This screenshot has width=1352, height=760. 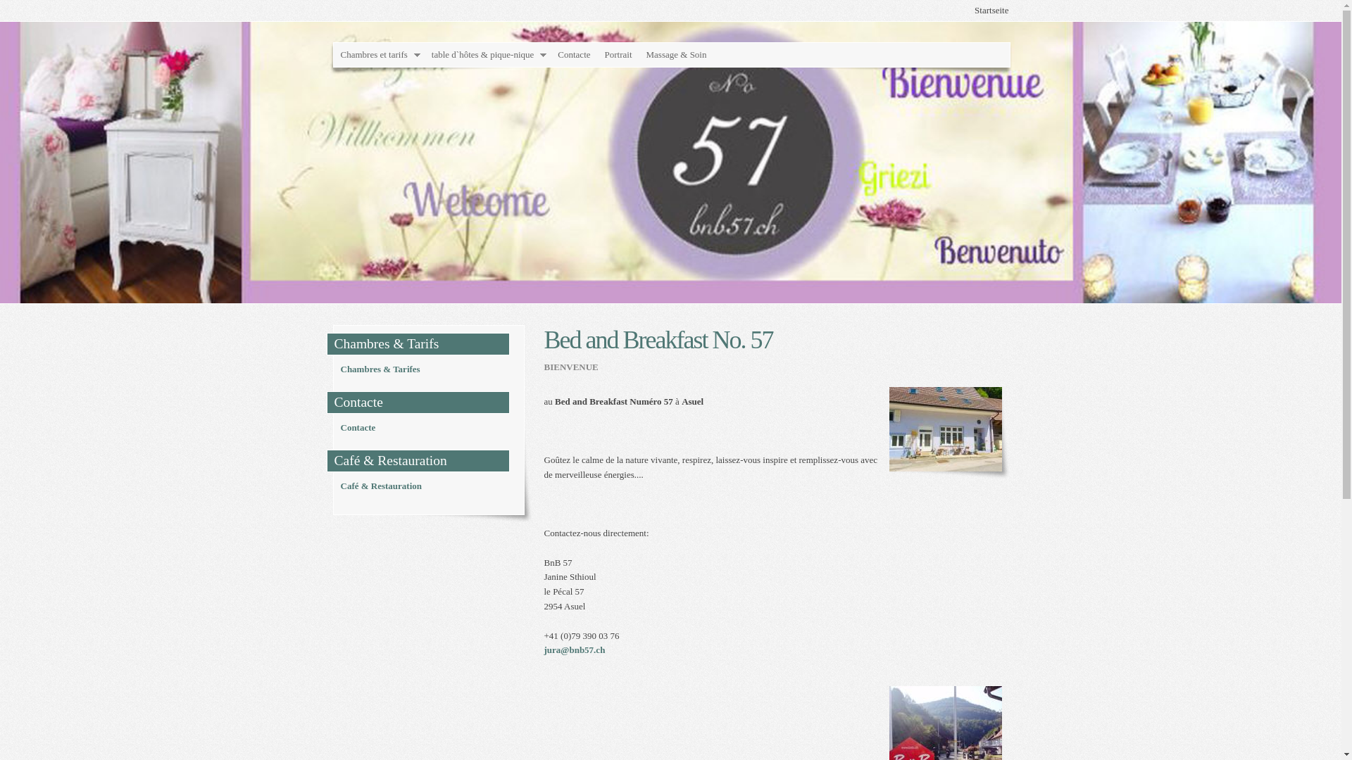 What do you see at coordinates (341, 426) in the screenshot?
I see `'Contacte'` at bounding box center [341, 426].